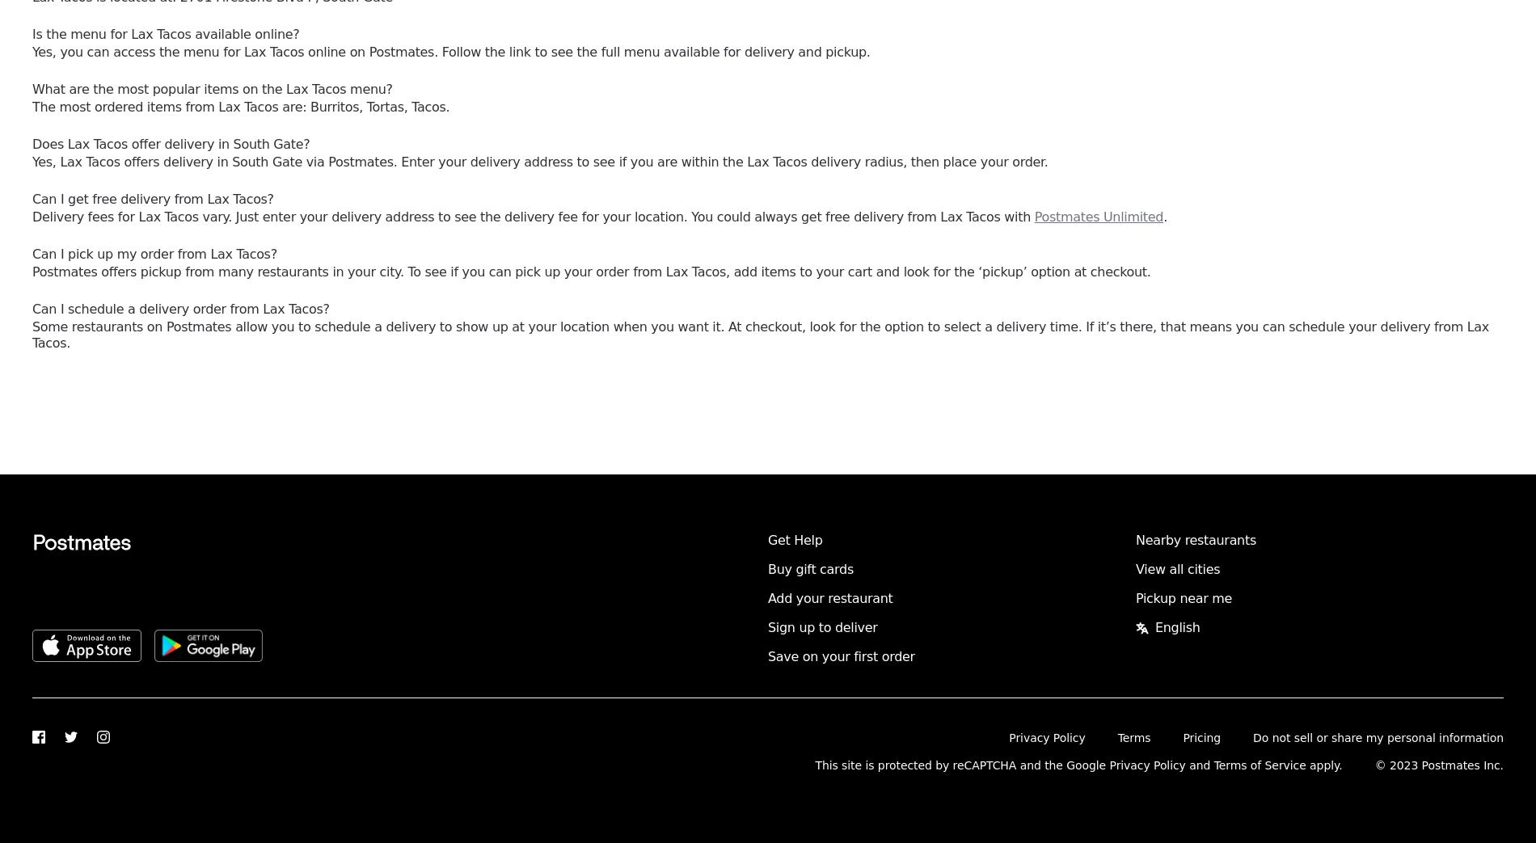 The width and height of the screenshot is (1536, 843). I want to click on 'English', so click(1177, 626).